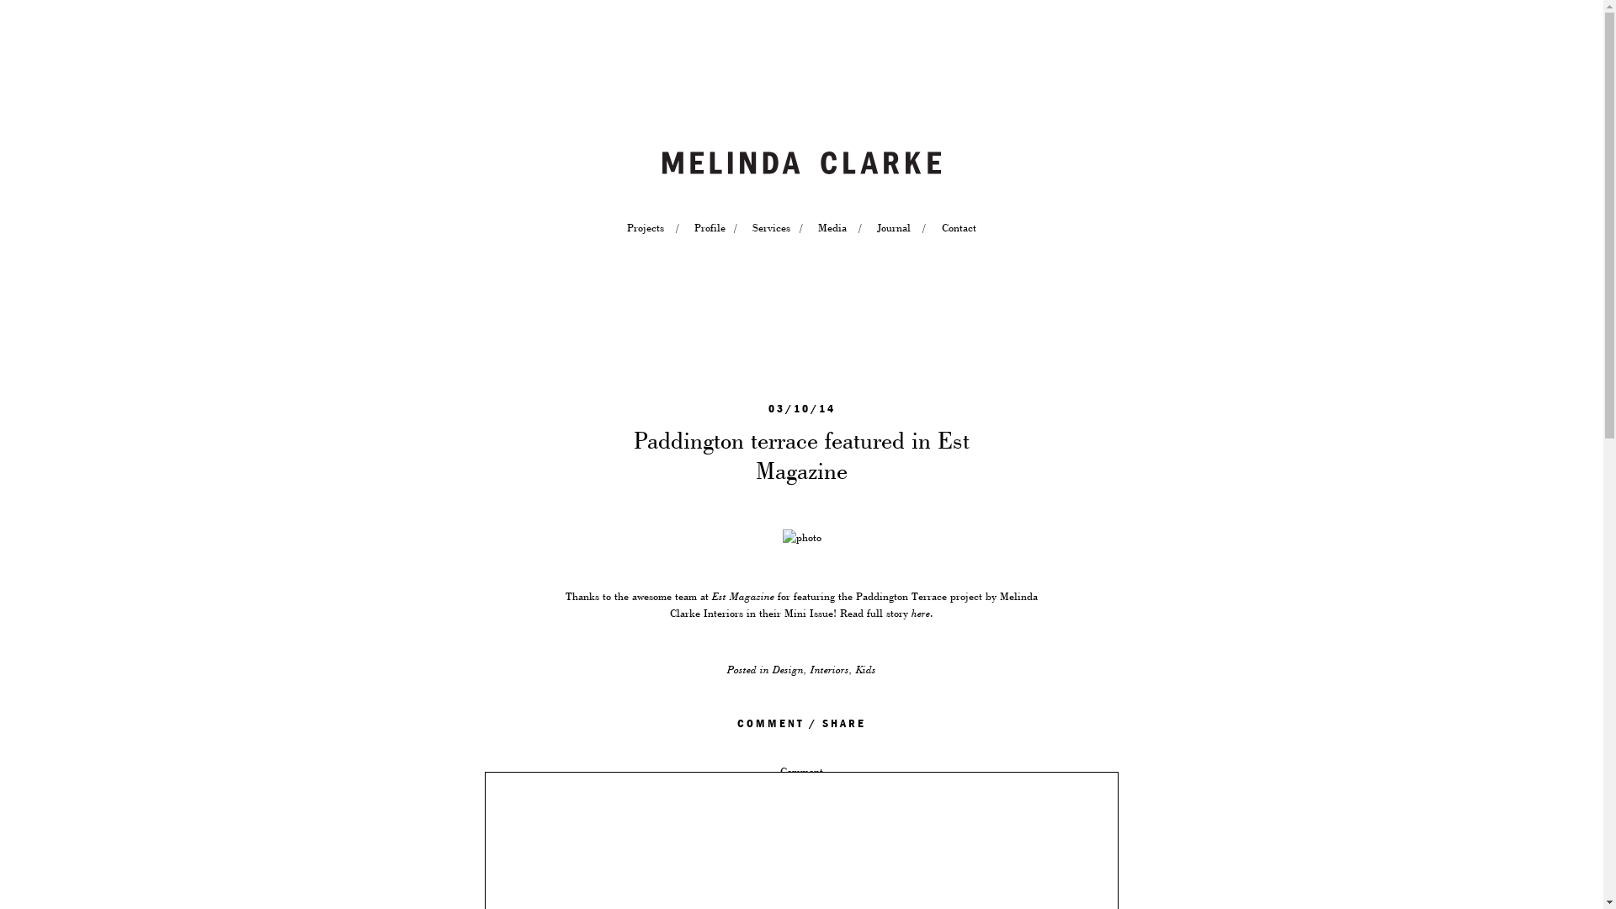  Describe the element at coordinates (787, 668) in the screenshot. I see `'Design'` at that location.